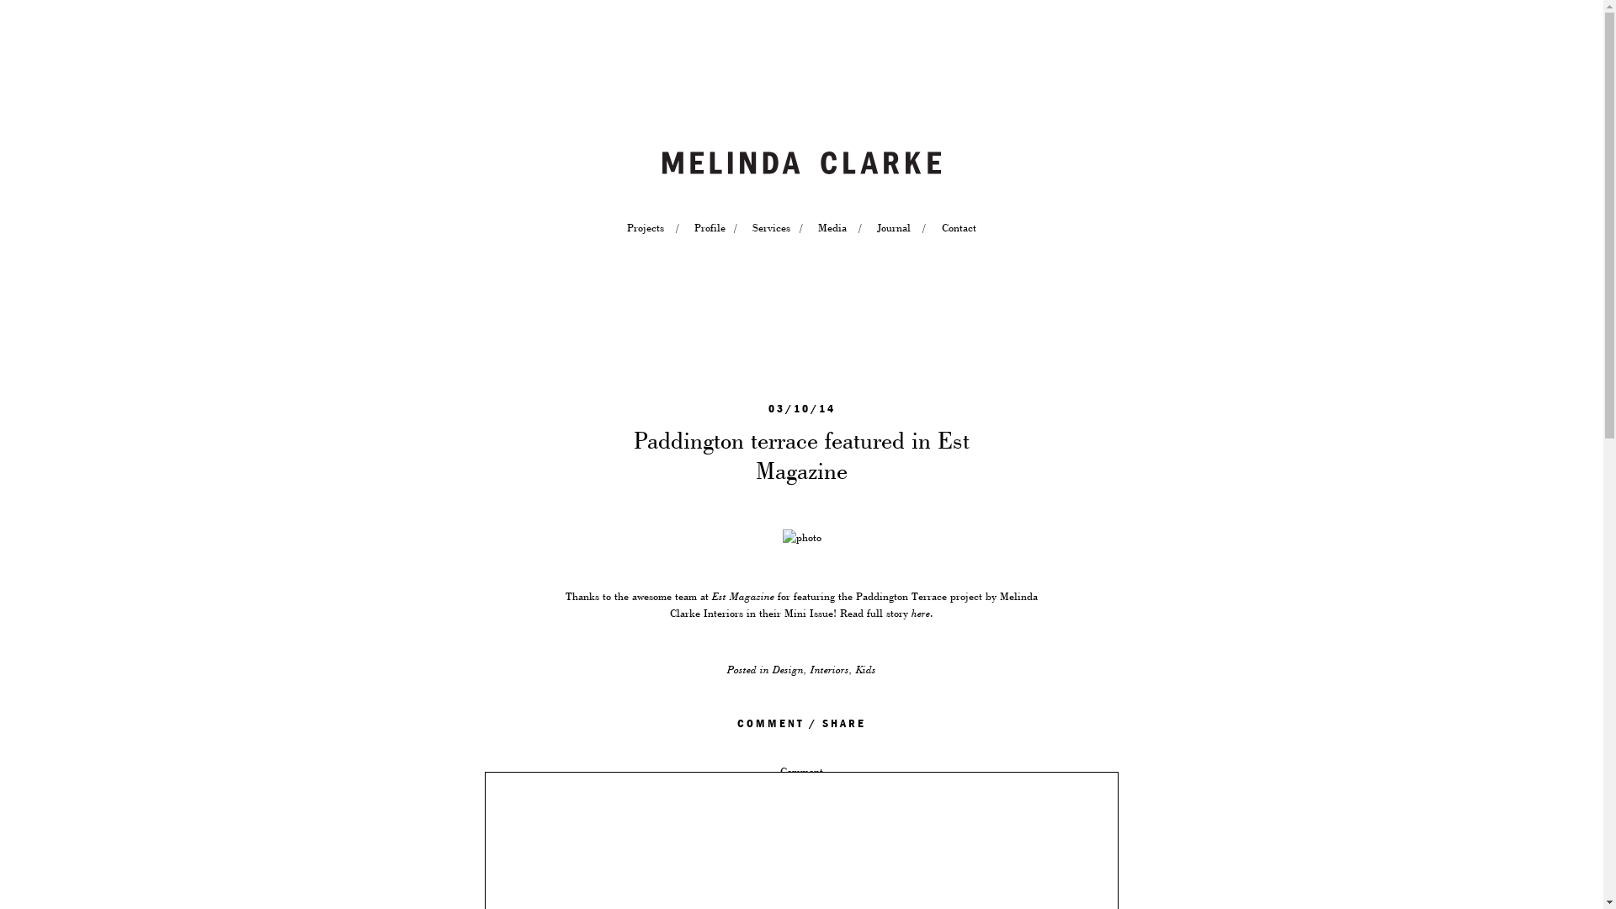  Describe the element at coordinates (787, 668) in the screenshot. I see `'Design'` at that location.